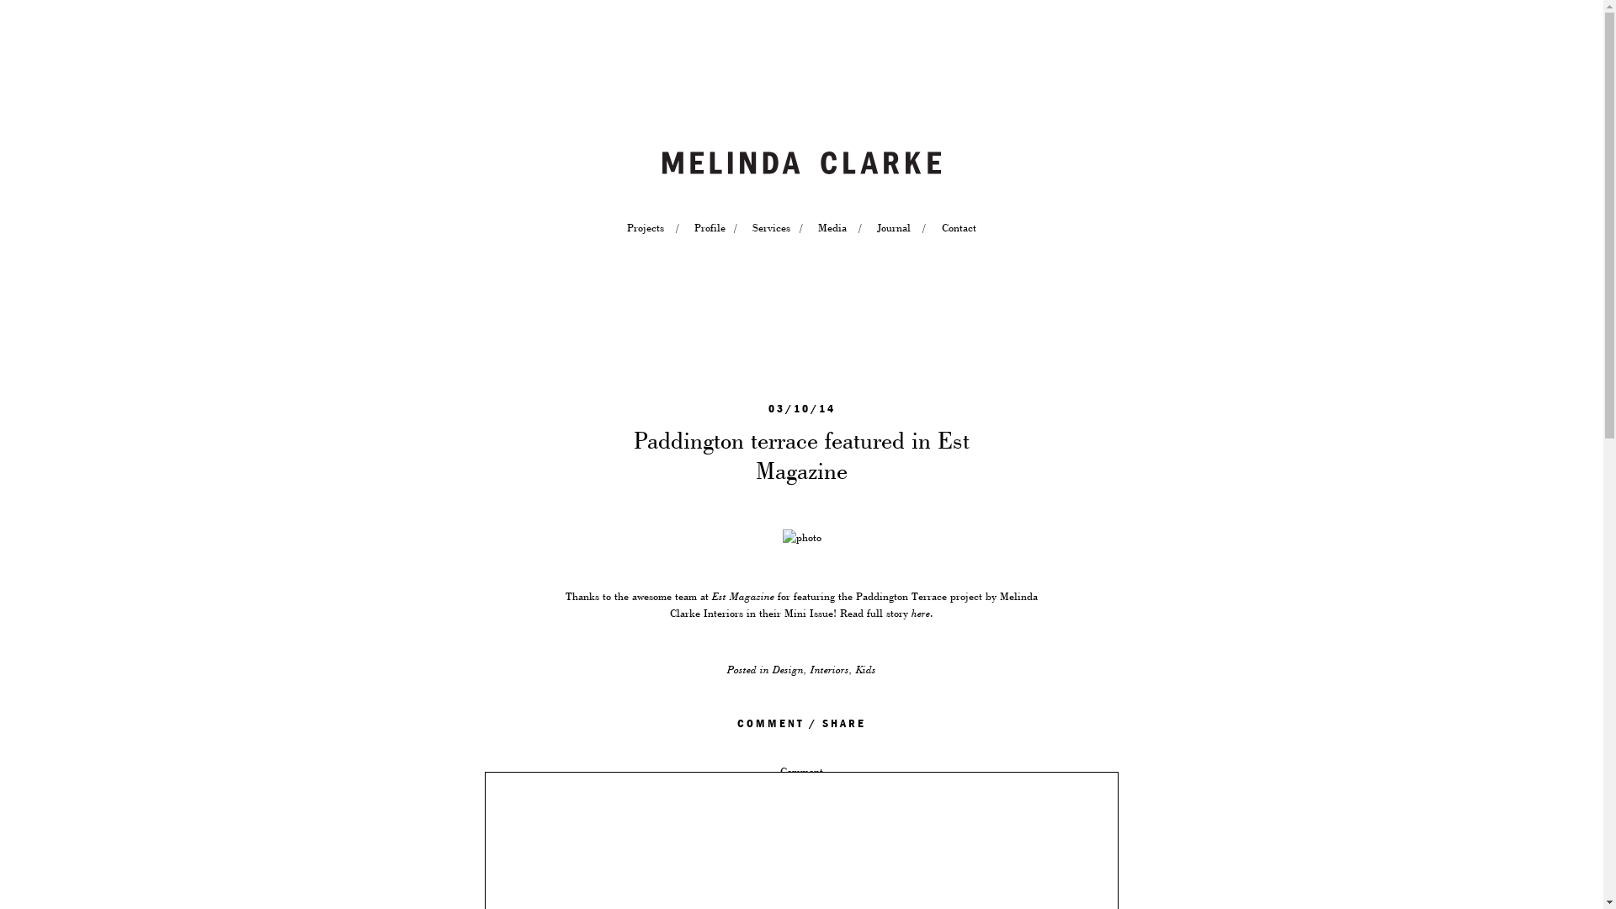  Describe the element at coordinates (787, 668) in the screenshot. I see `'Design'` at that location.